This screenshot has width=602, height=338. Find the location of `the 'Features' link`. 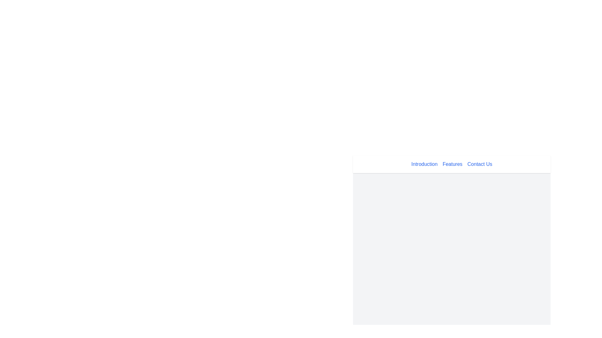

the 'Features' link is located at coordinates (451, 164).